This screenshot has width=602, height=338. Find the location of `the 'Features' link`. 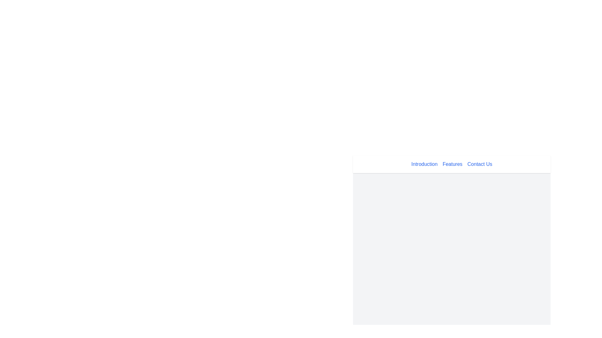

the 'Features' link is located at coordinates (451, 164).